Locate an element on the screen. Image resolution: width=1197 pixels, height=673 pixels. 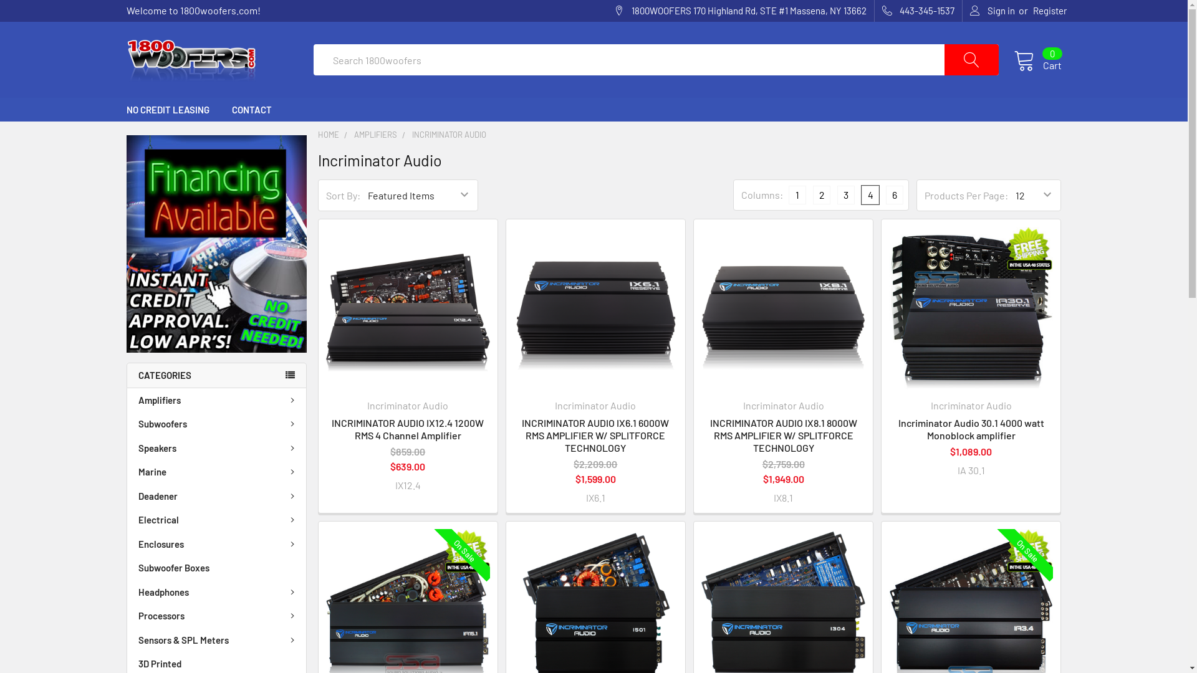
'Incriminator Audio 30.1 4000 watt Monoblock amplifier' is located at coordinates (971, 428).